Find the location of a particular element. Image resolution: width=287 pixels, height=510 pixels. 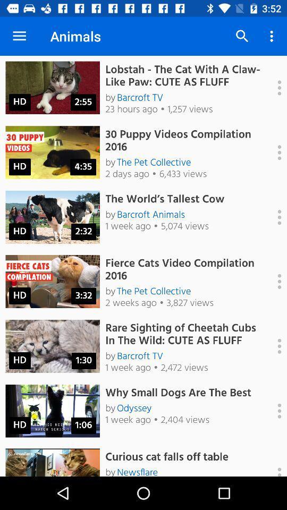

more options is located at coordinates (274, 152).